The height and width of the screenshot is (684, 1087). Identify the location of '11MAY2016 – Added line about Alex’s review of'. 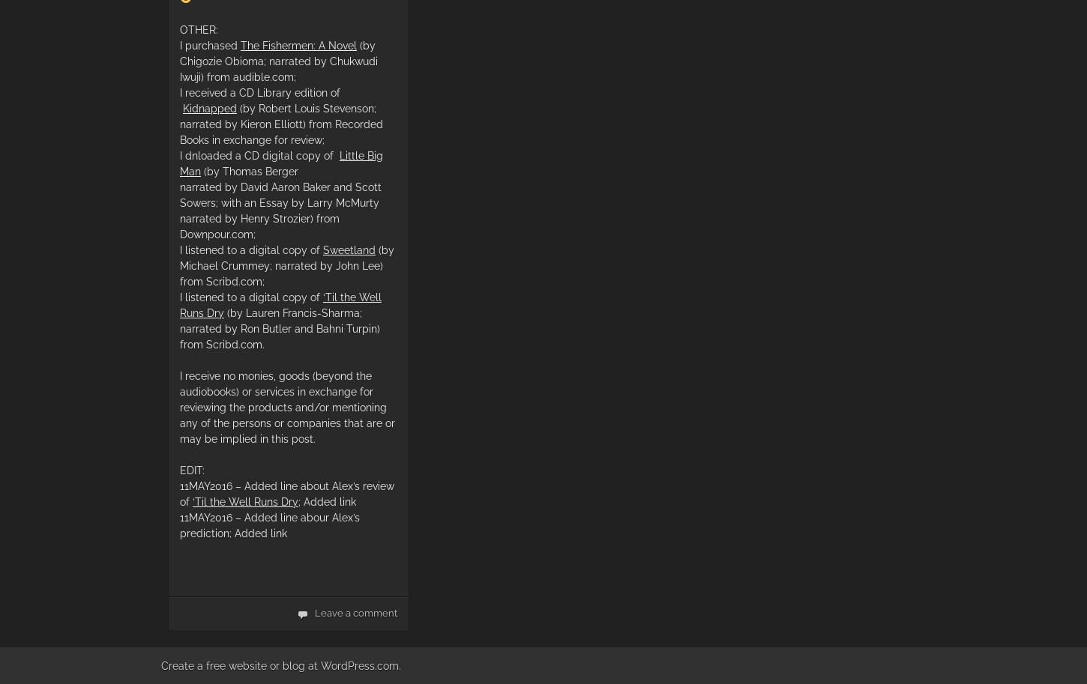
(286, 493).